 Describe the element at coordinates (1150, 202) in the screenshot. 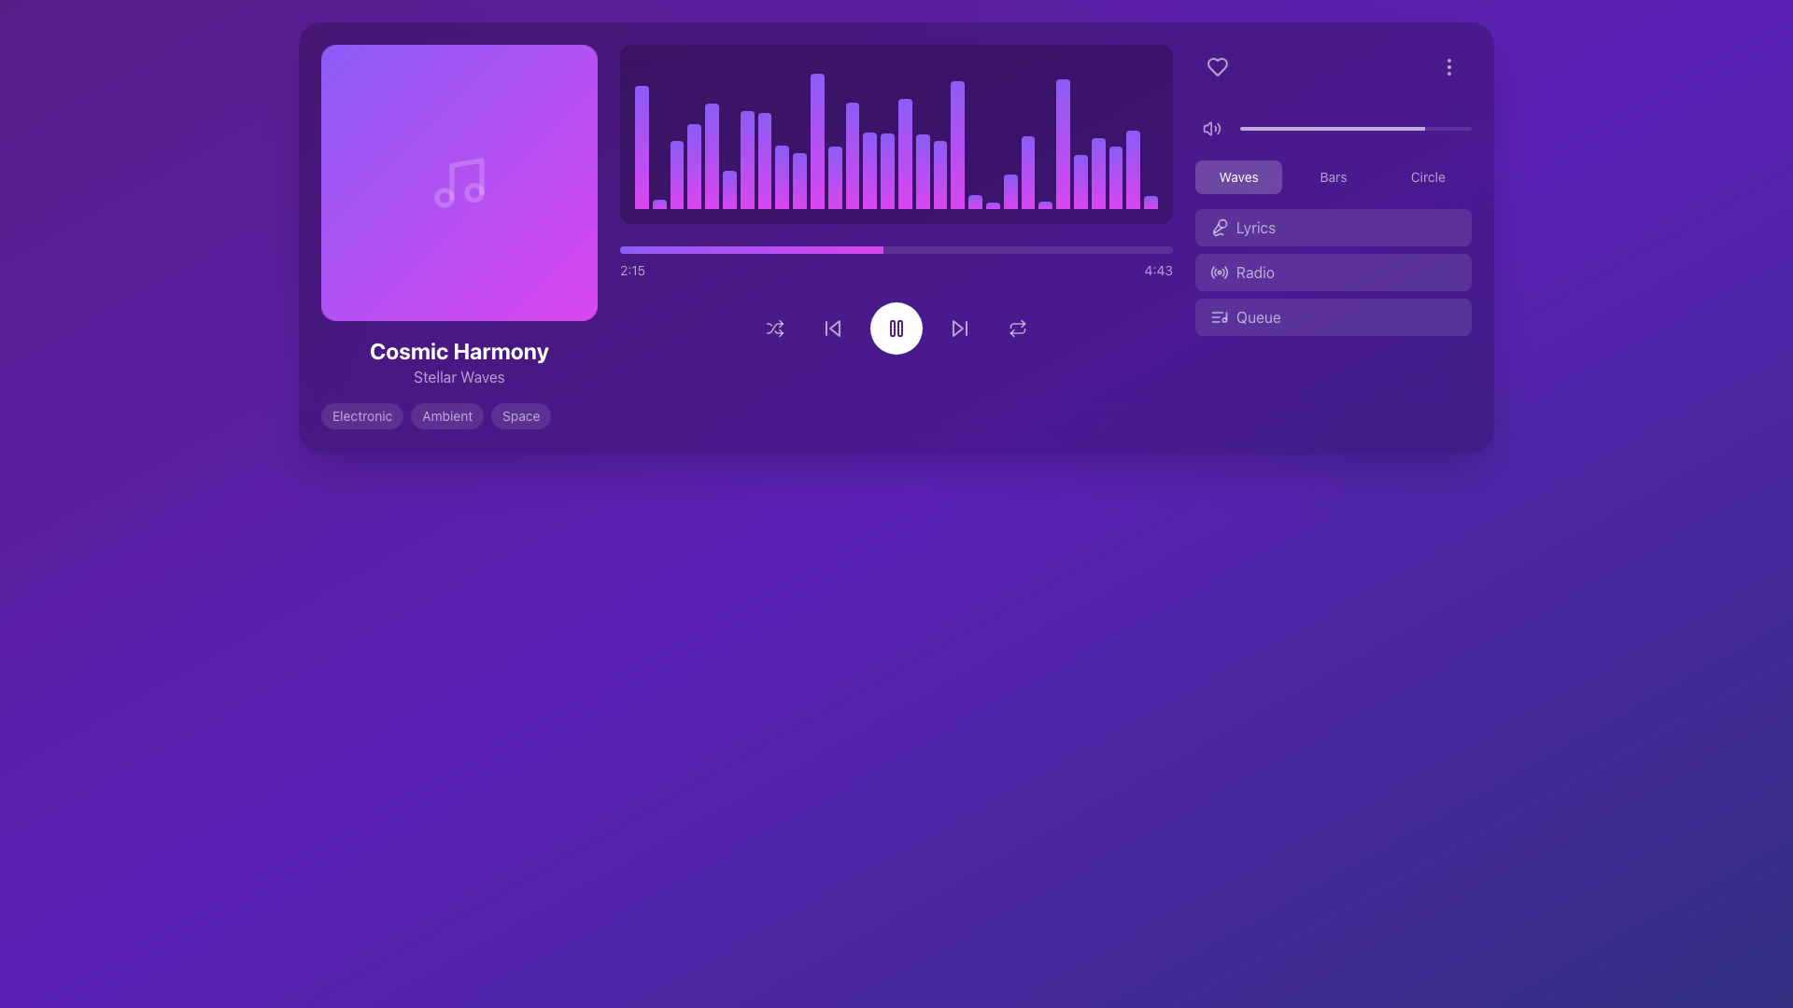

I see `the last (29th) graphical bar of the audio waveform display, which is a thin rectangular bar with a gradient from fuchsia to violet and rounded top corners` at that location.